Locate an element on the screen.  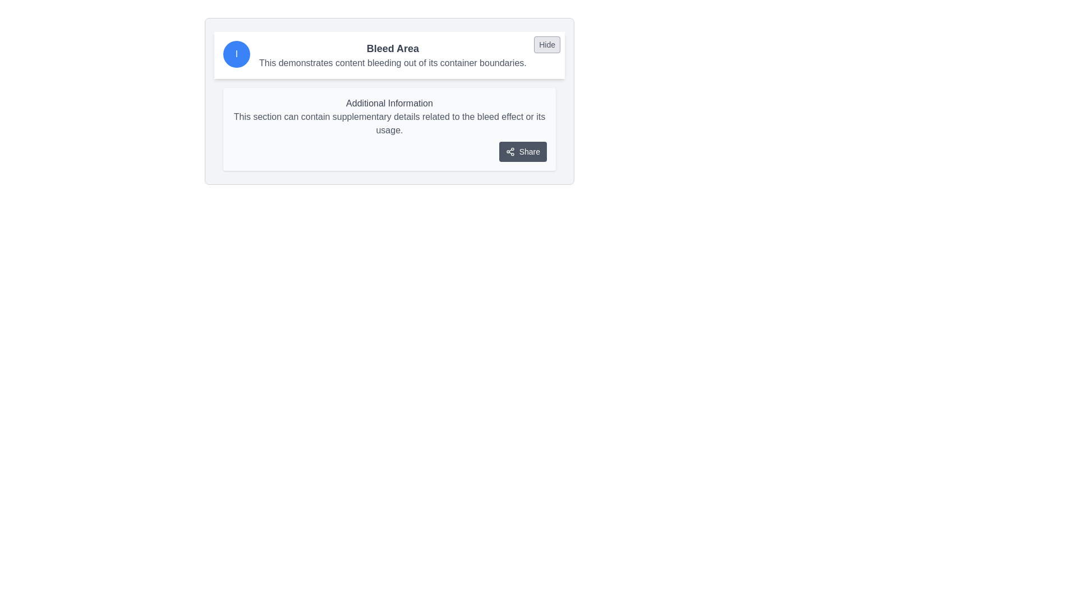
the 'Share' button which contains a compact icon resembling a network or share symbol, located in the lower-right section of the panel is located at coordinates (509, 151).